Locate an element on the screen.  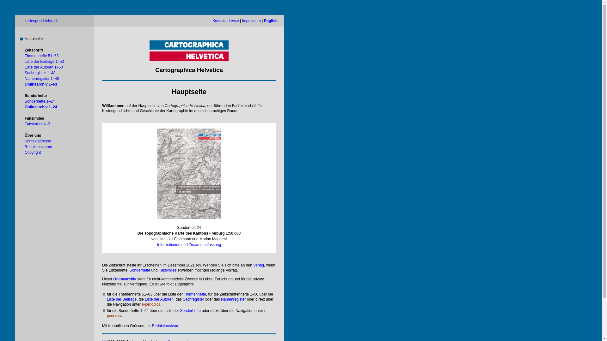
'Copyright' is located at coordinates (32, 152).